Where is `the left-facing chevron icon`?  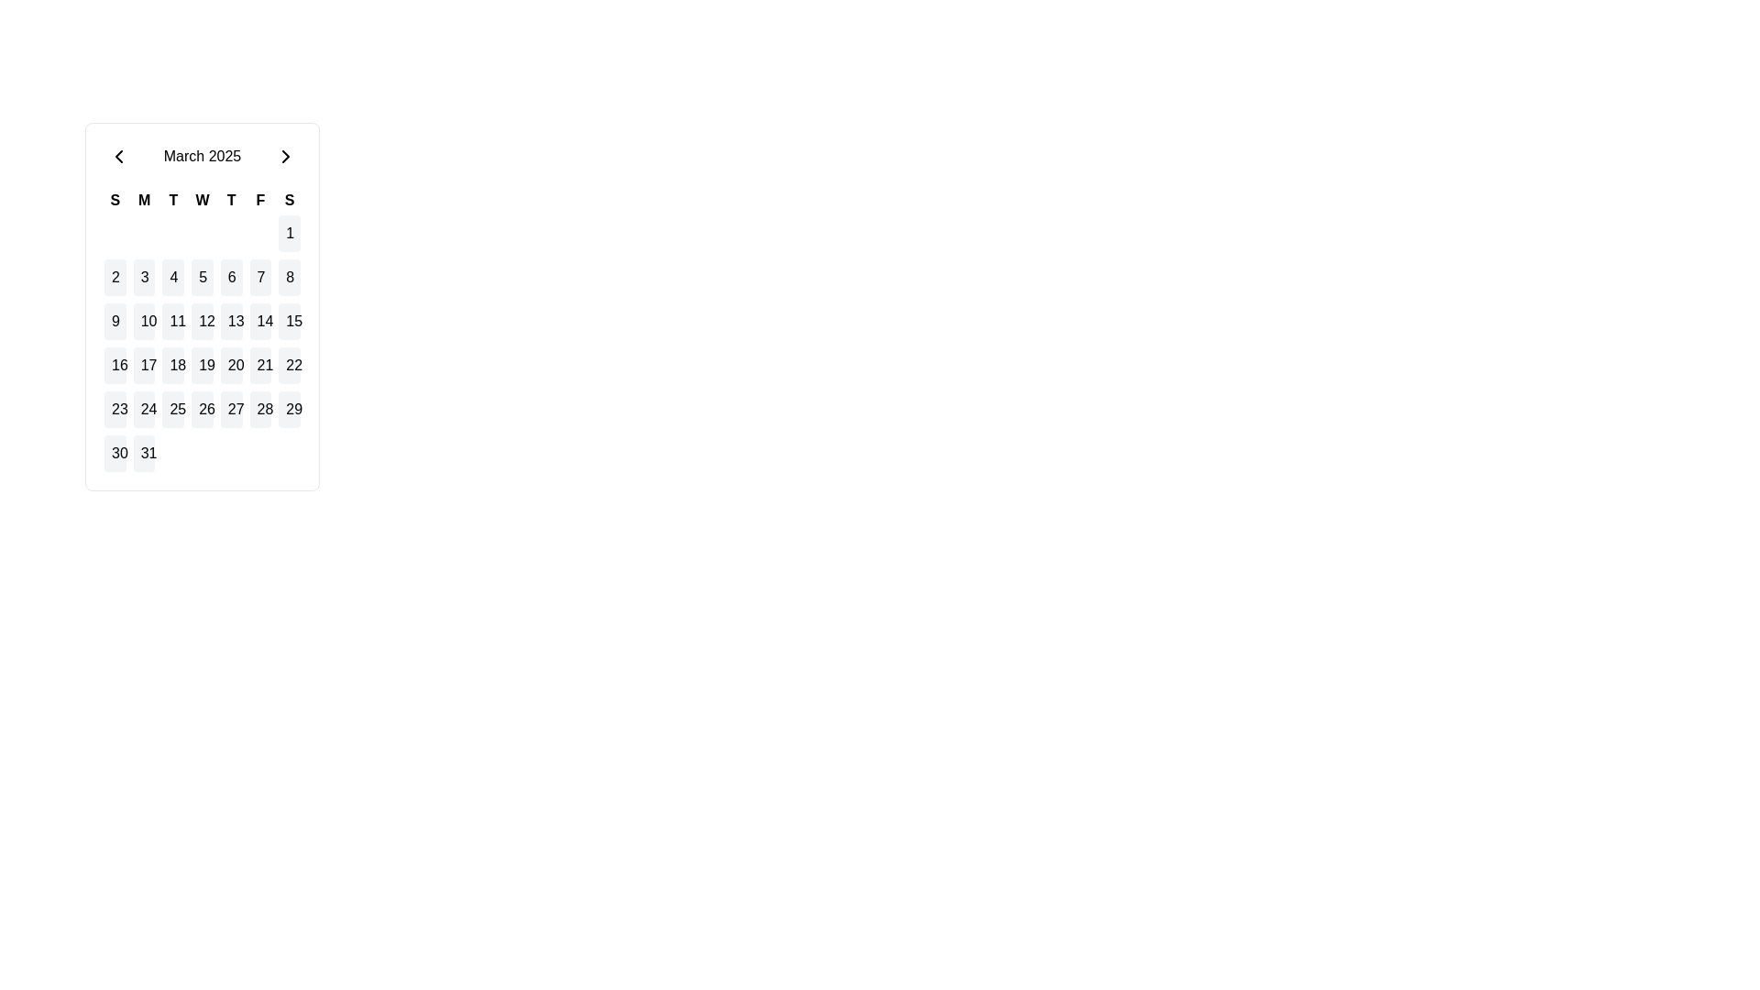
the left-facing chevron icon is located at coordinates (117, 155).